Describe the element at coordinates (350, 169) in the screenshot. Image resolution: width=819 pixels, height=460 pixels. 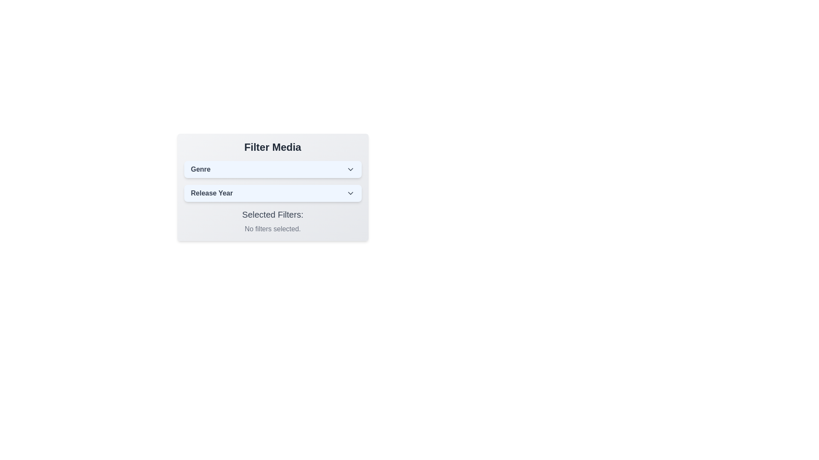
I see `the chevron-down dropdown toggle icon located at the far right of the 'Genre' button for visual feedback` at that location.